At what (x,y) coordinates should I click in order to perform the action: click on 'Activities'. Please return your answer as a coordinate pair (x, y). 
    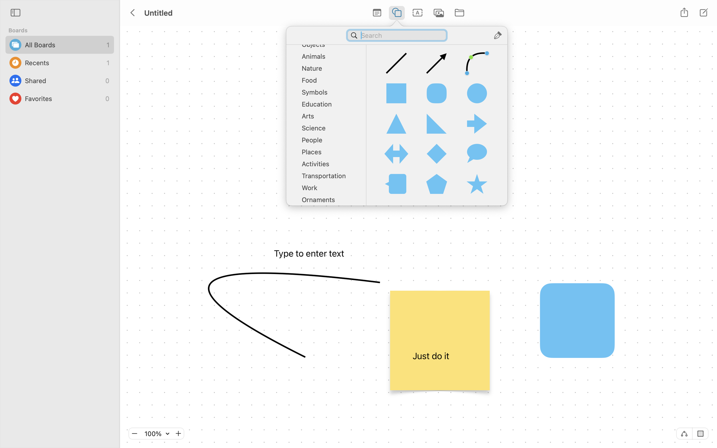
    Looking at the image, I should click on (328, 166).